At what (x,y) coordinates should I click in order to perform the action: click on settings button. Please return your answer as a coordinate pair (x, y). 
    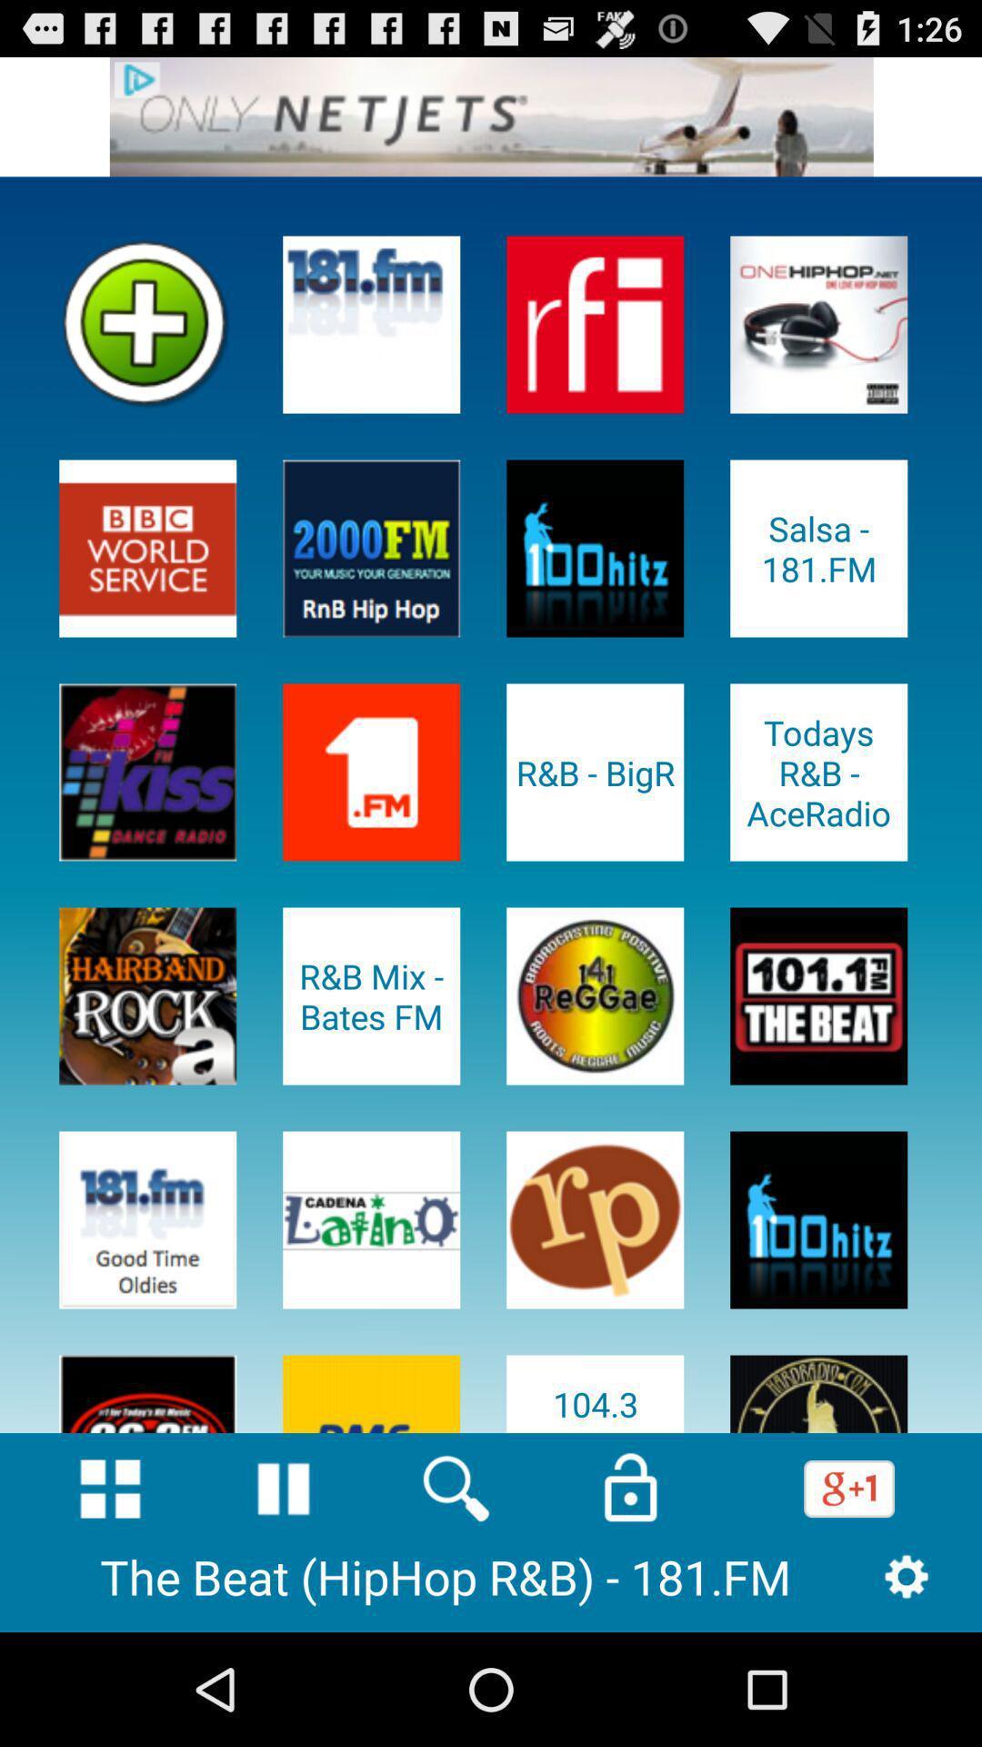
    Looking at the image, I should click on (907, 1575).